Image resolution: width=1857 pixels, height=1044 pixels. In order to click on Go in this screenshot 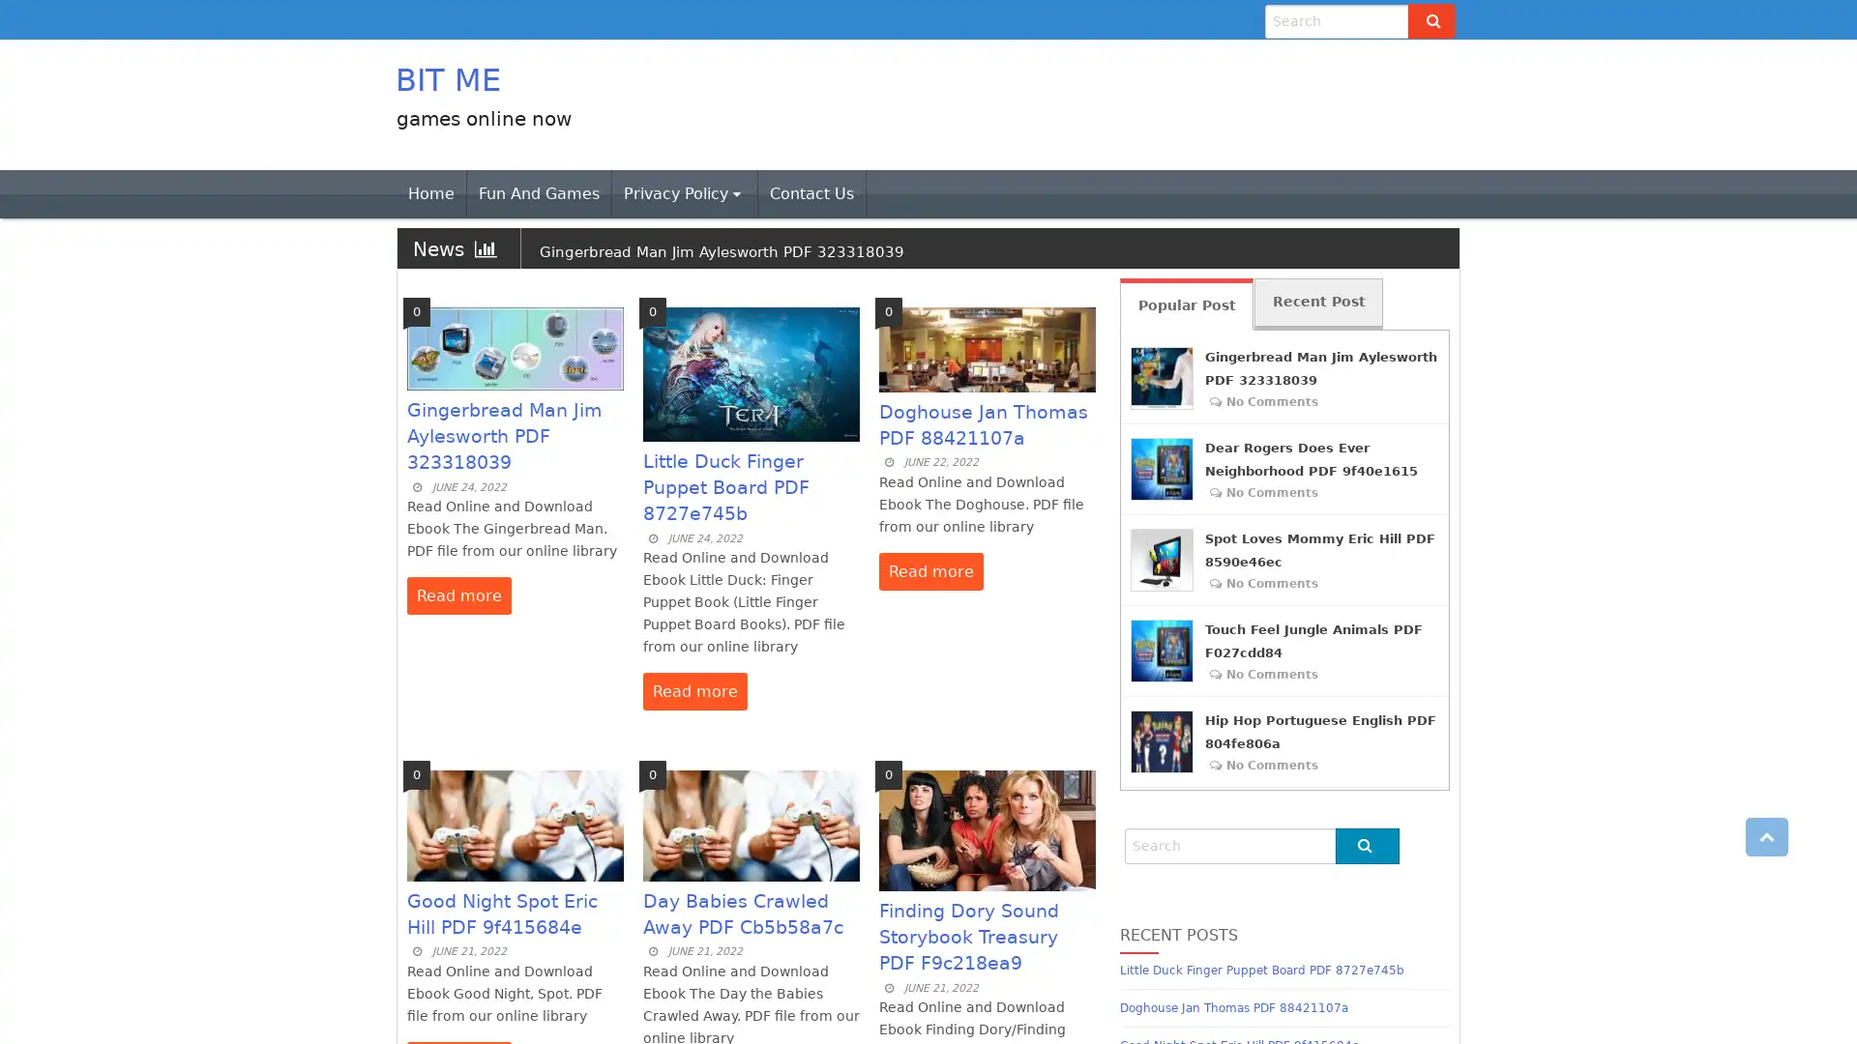, I will do `click(1367, 844)`.